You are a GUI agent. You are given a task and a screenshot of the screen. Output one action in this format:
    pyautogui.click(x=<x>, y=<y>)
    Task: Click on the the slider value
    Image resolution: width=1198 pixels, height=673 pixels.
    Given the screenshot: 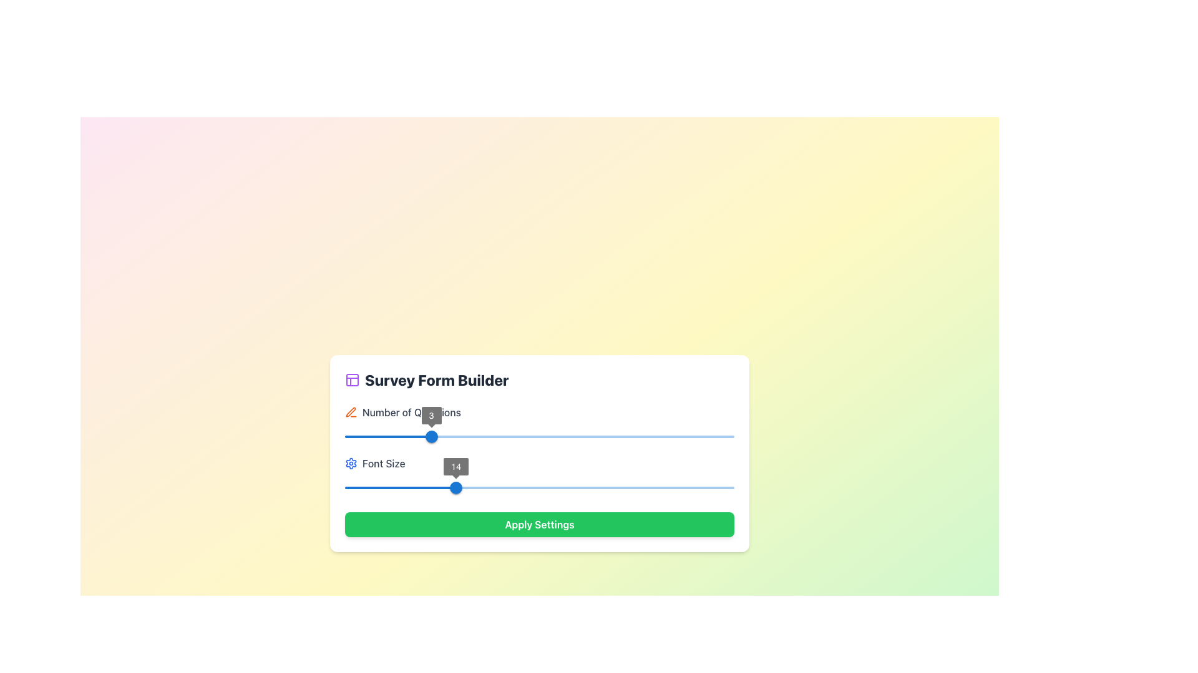 What is the action you would take?
    pyautogui.click(x=554, y=487)
    